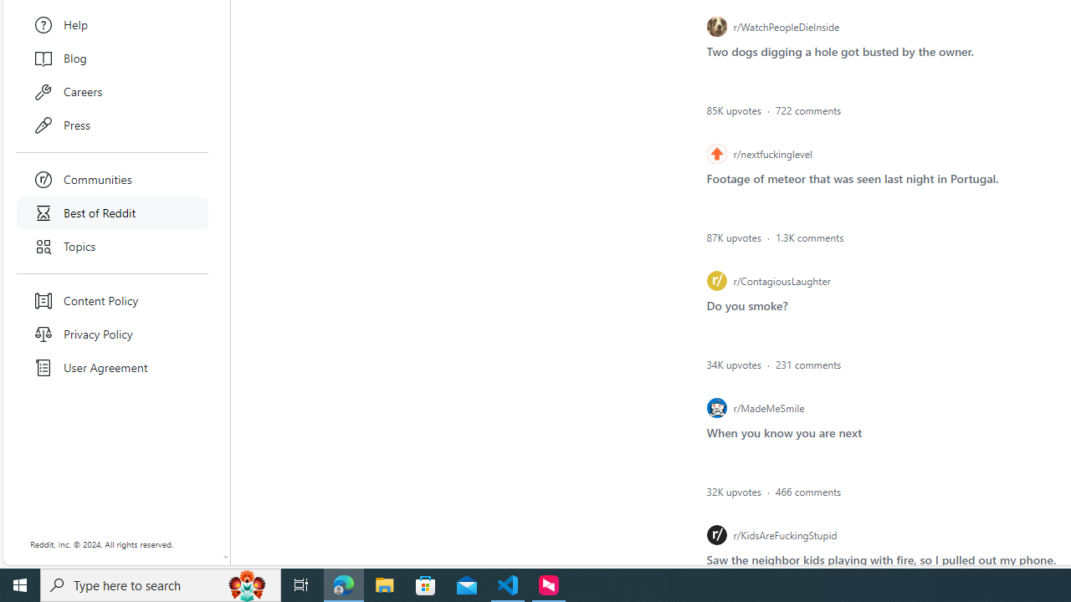 Image resolution: width=1071 pixels, height=602 pixels. I want to click on 'Best of Reddit', so click(112, 212).